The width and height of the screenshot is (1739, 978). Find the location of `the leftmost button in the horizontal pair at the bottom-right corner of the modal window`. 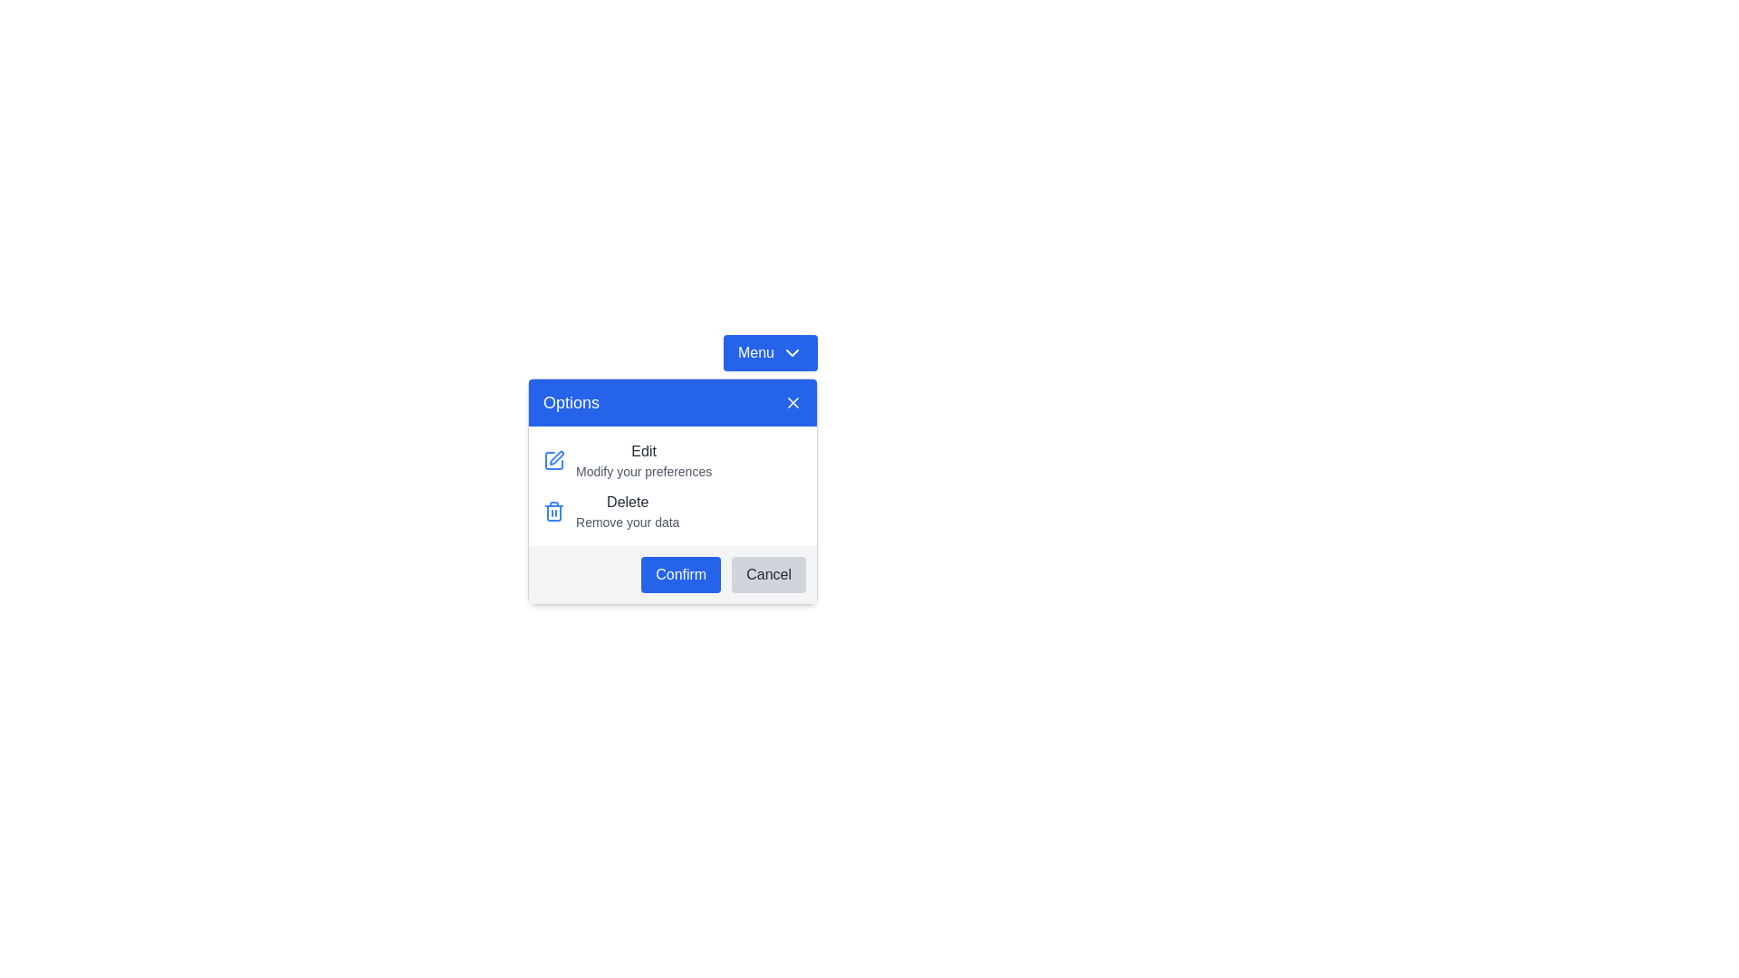

the leftmost button in the horizontal pair at the bottom-right corner of the modal window is located at coordinates (680, 575).